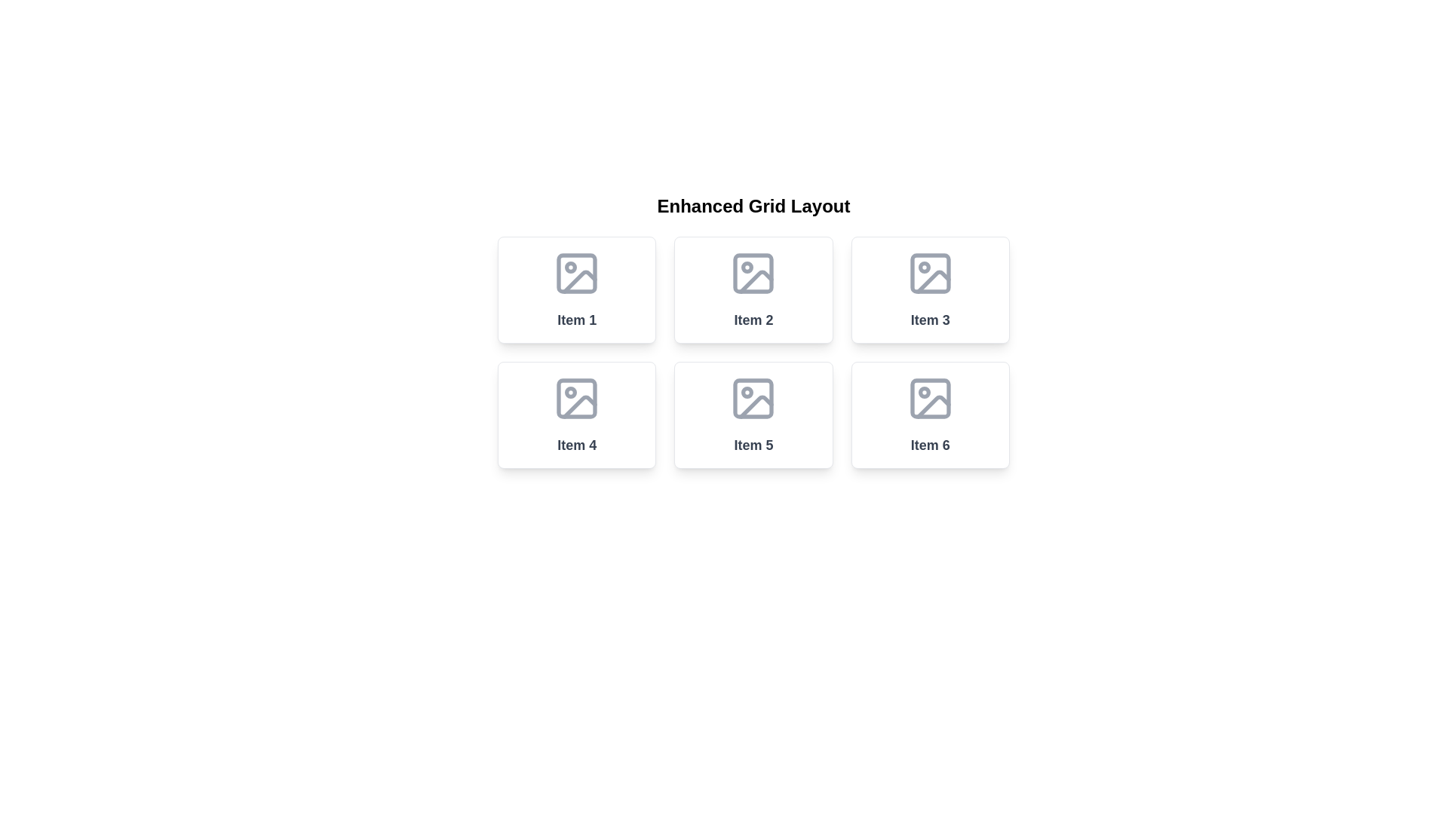 Image resolution: width=1448 pixels, height=814 pixels. Describe the element at coordinates (576, 273) in the screenshot. I see `the icon representing 'Item 1' in the grid layout, which is located at the center of its bounding box` at that location.